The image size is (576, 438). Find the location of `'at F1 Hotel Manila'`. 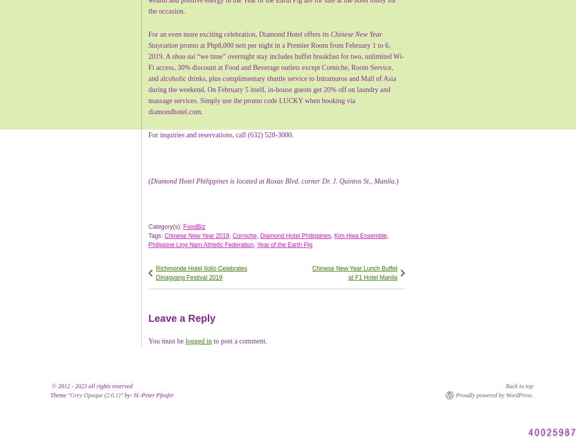

'at F1 Hotel Manila' is located at coordinates (372, 277).